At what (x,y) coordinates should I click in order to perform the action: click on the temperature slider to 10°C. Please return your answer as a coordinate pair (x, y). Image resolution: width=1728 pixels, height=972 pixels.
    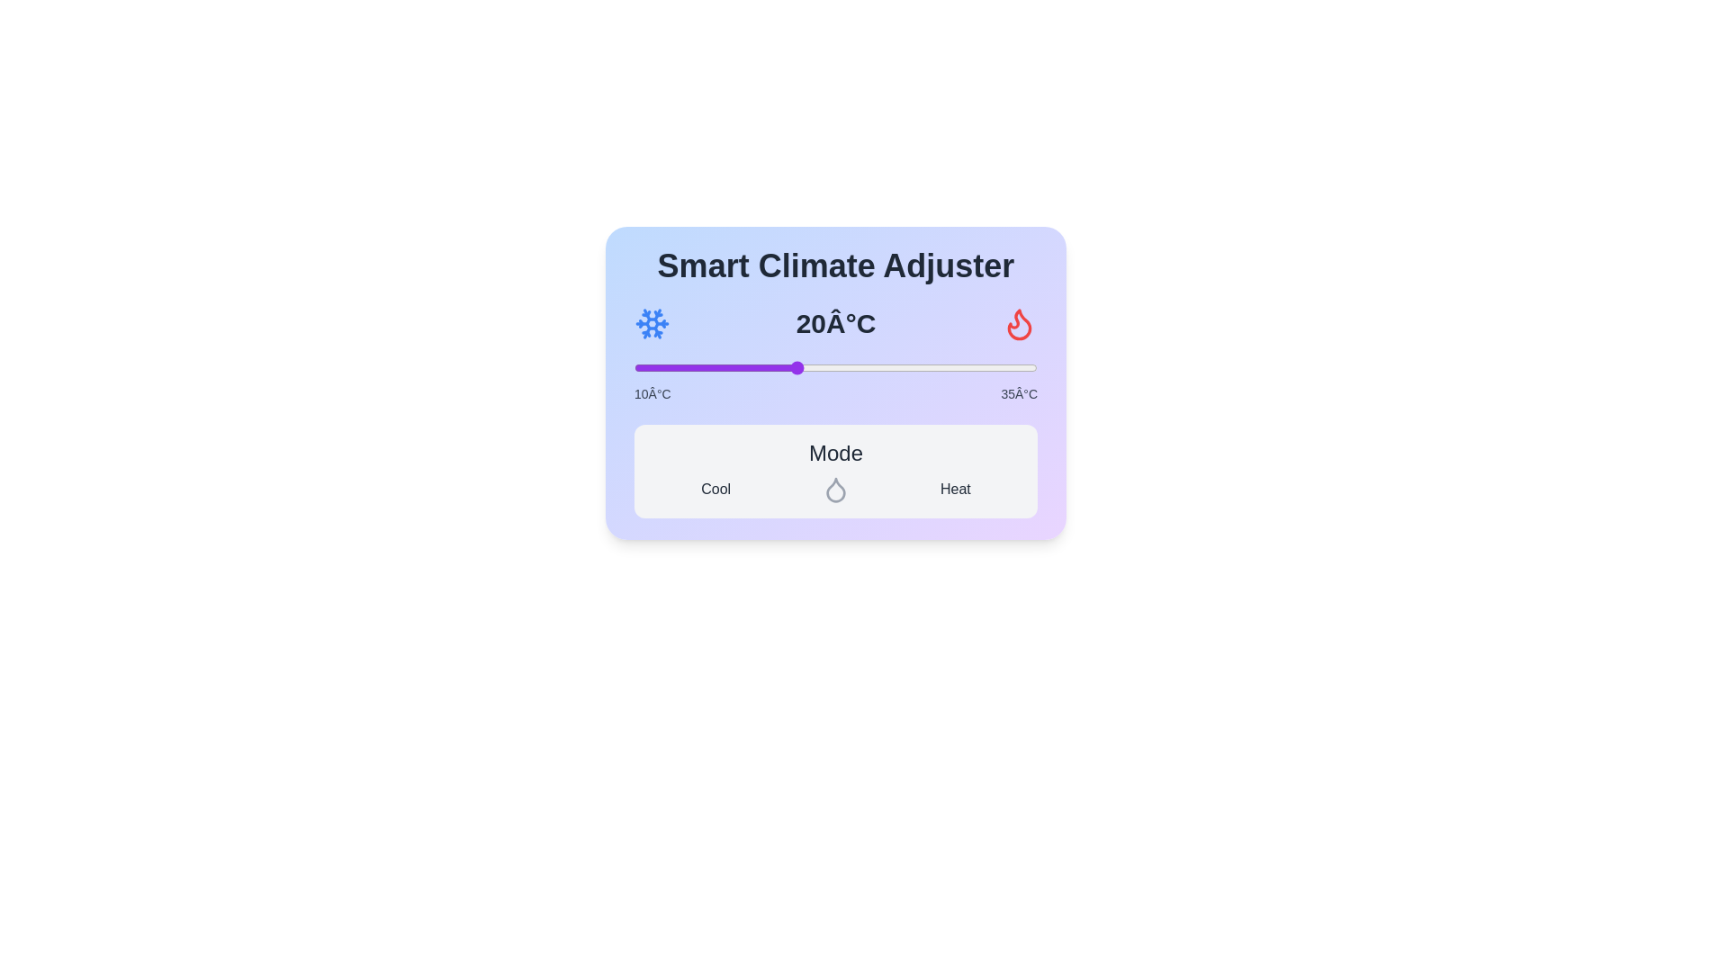
    Looking at the image, I should click on (634, 366).